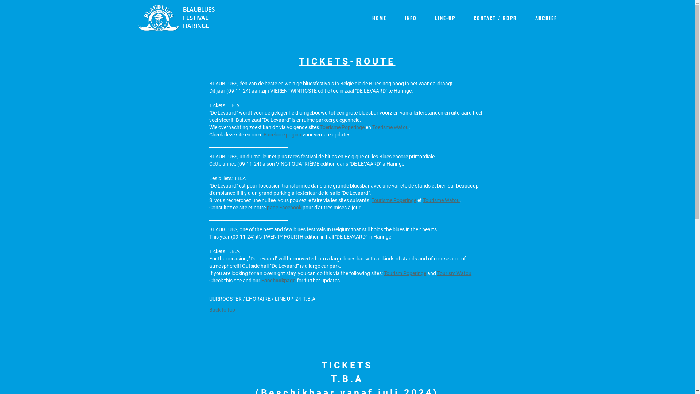 This screenshot has width=700, height=394. What do you see at coordinates (320, 126) in the screenshot?
I see `'Toerisme Poperinge'` at bounding box center [320, 126].